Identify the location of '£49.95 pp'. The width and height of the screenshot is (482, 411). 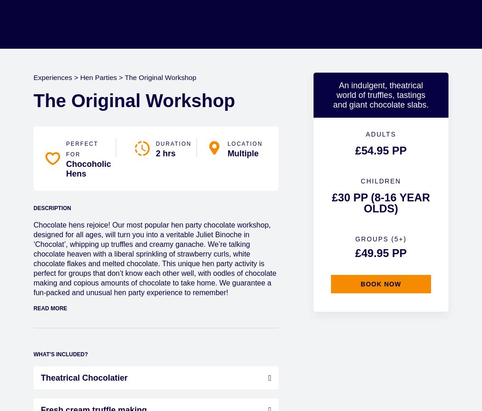
(380, 253).